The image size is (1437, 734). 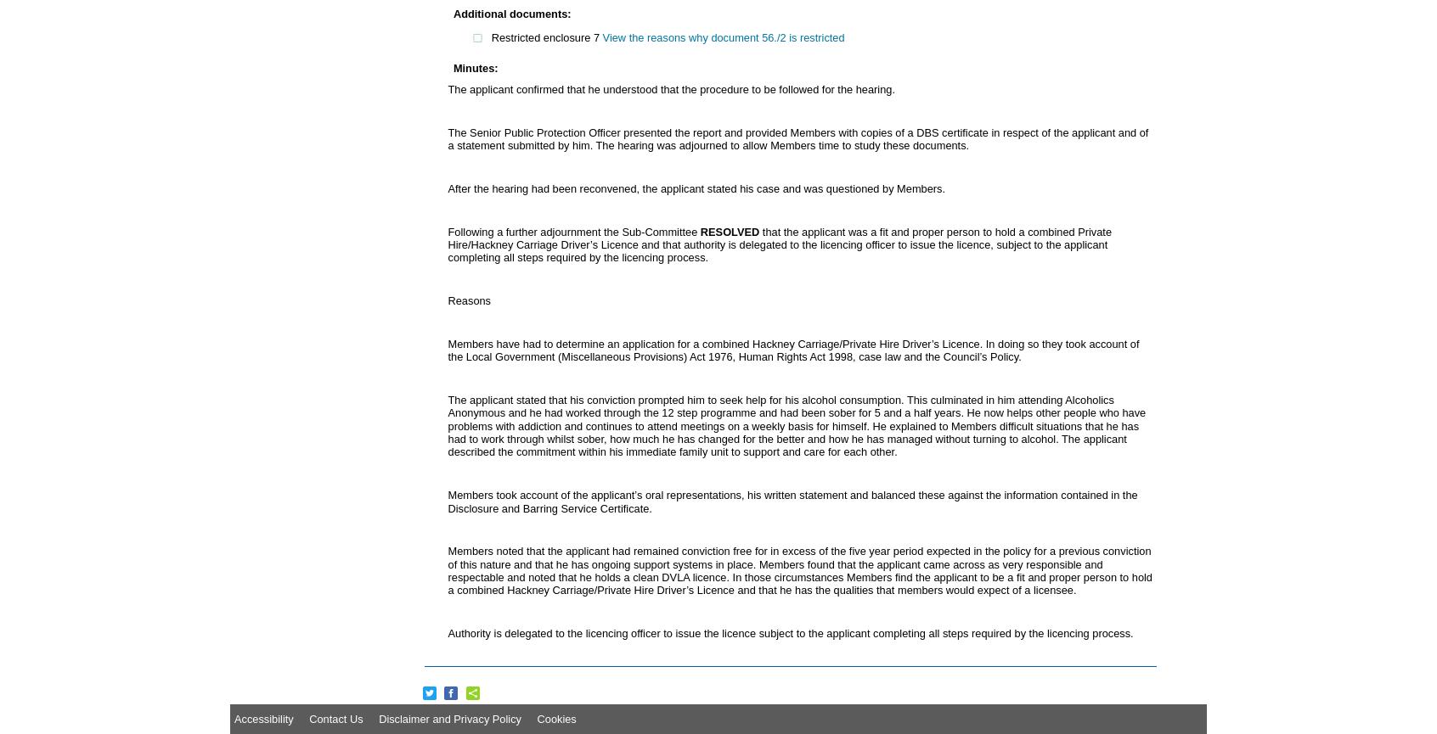 I want to click on 'Members took account of the applicant’s
oral representations, his written statement and balanced these
against the information contained in the Disclosure and Barring
Service Certificate.', so click(x=792, y=501).